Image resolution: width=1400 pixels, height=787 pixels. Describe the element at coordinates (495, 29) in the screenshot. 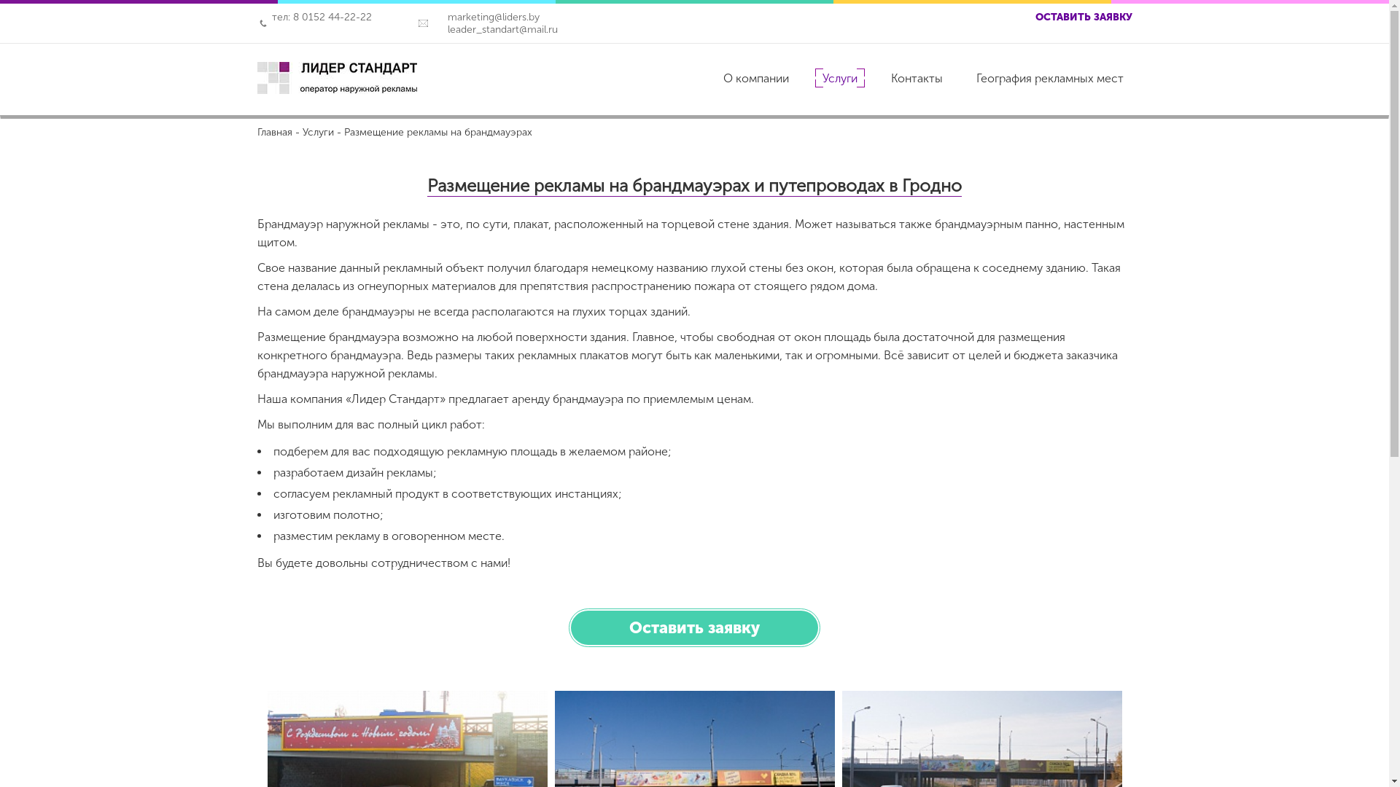

I see `'leader_standart@mail.ru'` at that location.